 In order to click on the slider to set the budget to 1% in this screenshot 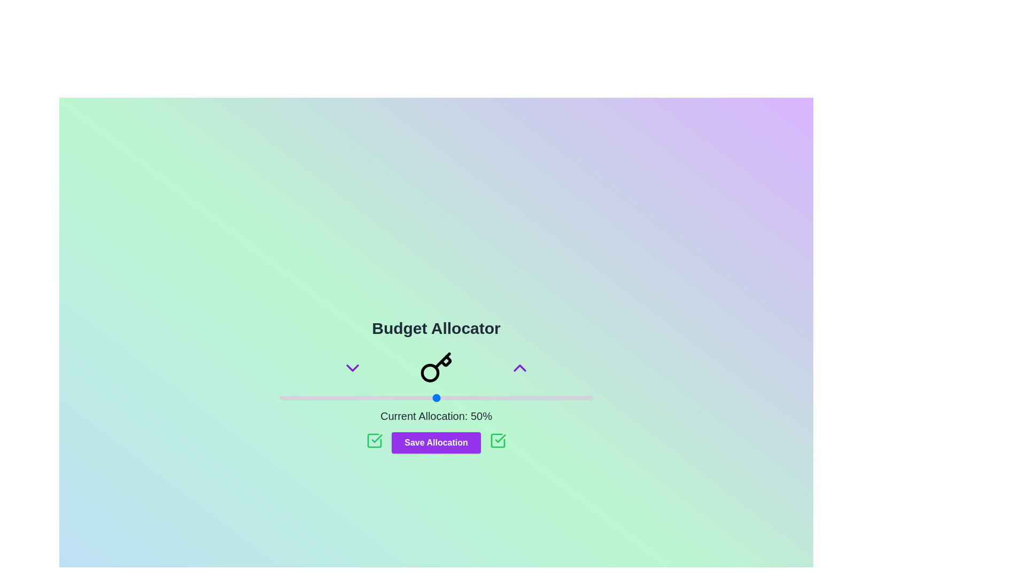, I will do `click(282, 397)`.